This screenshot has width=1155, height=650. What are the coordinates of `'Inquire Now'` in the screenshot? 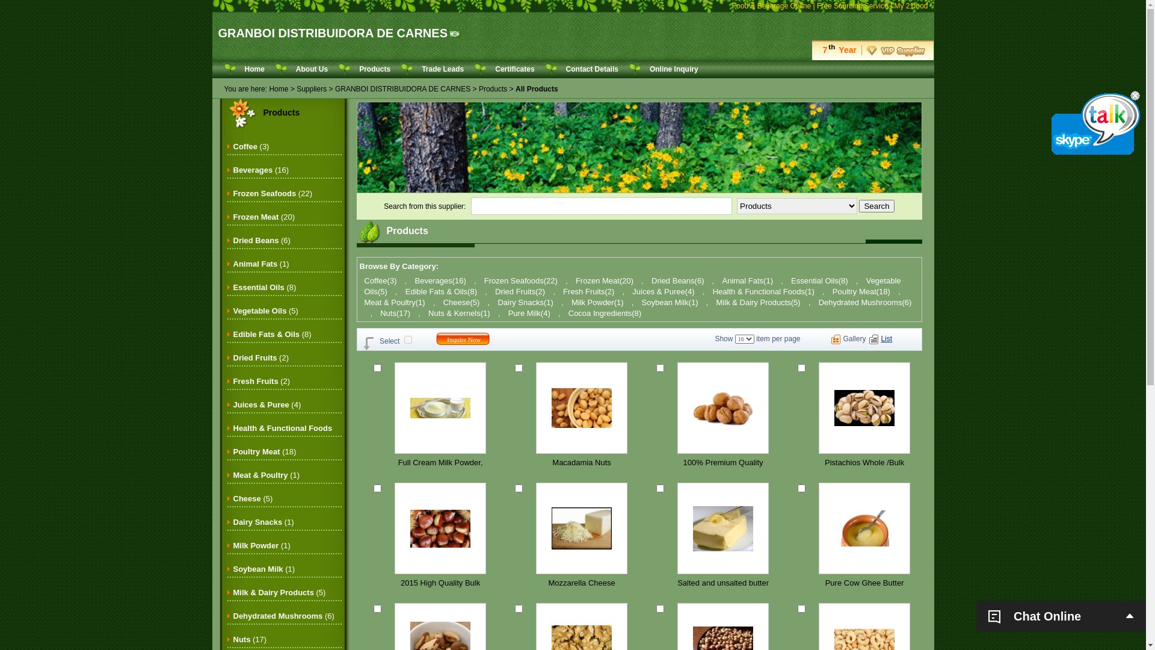 It's located at (463, 339).